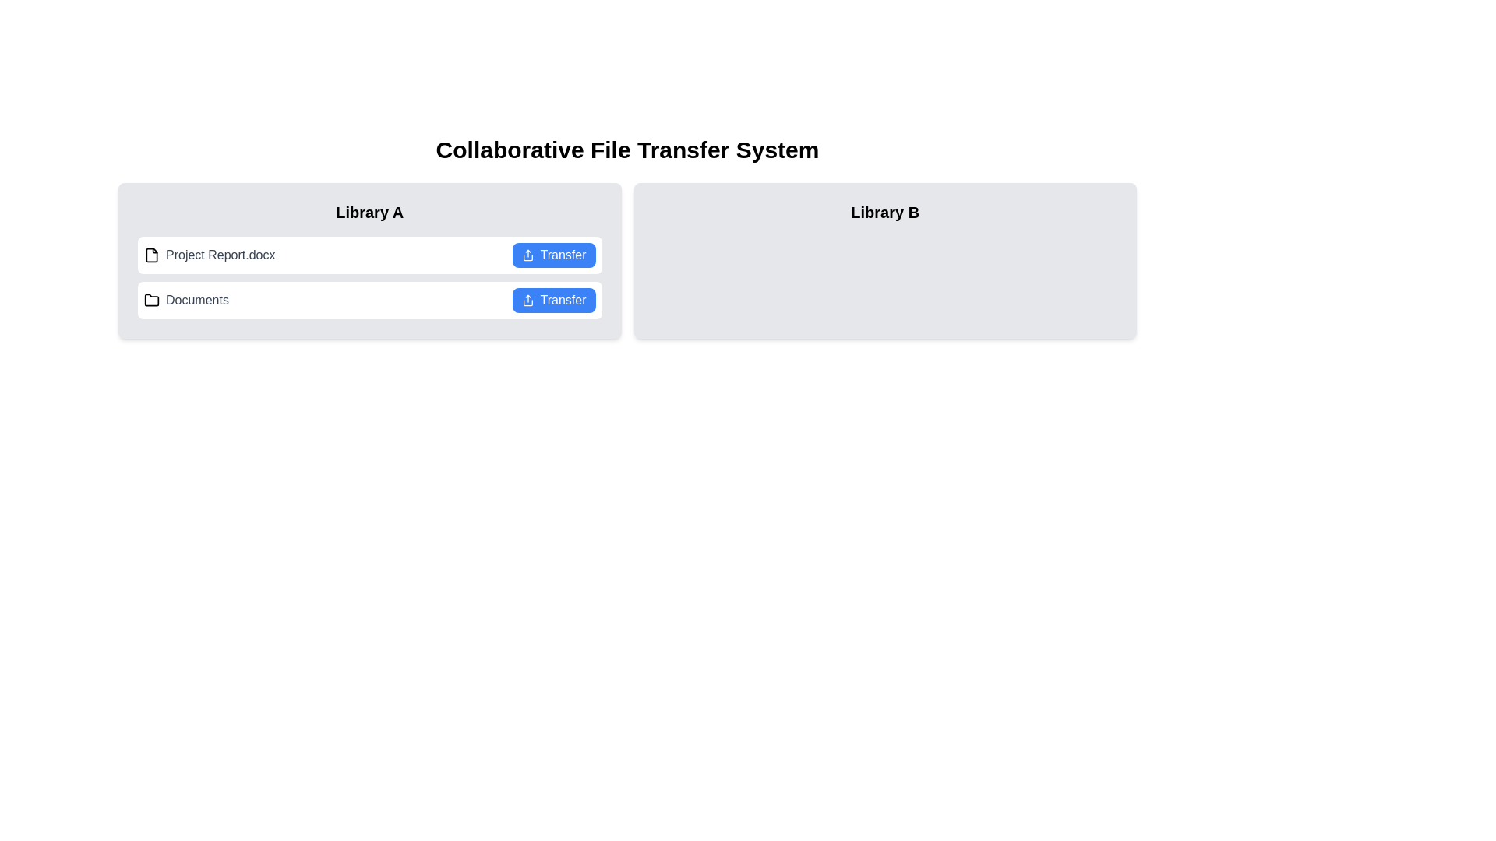 The image size is (1496, 841). I want to click on the text label representing the file name 'Project Report.docx', which is the first entry in the list under 'Library A', so click(220, 254).